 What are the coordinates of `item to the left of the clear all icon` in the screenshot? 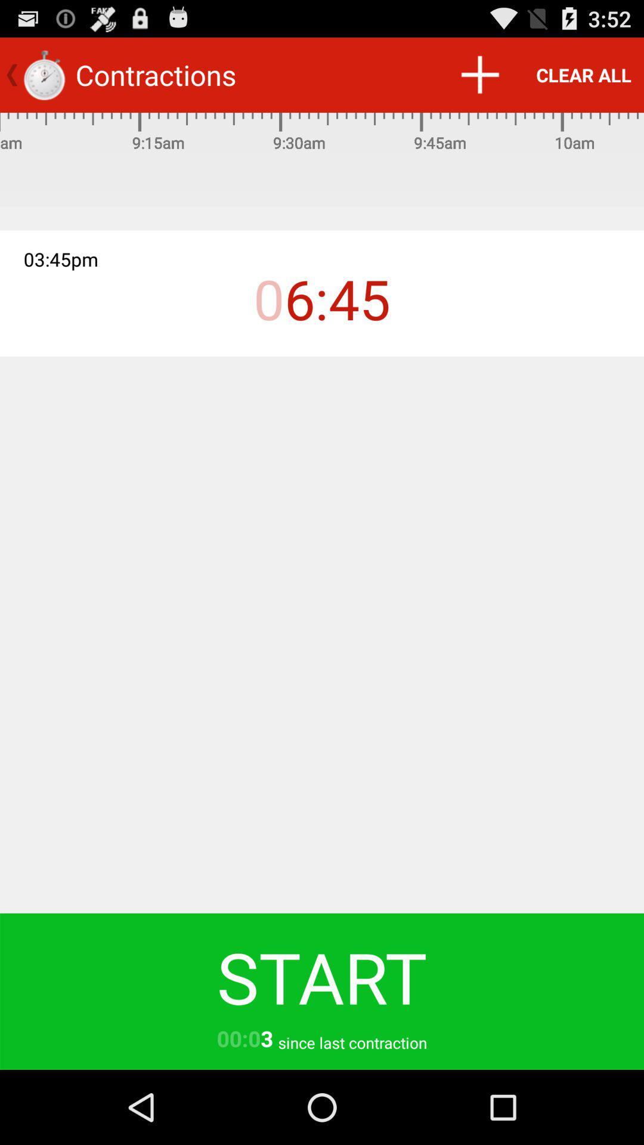 It's located at (479, 74).